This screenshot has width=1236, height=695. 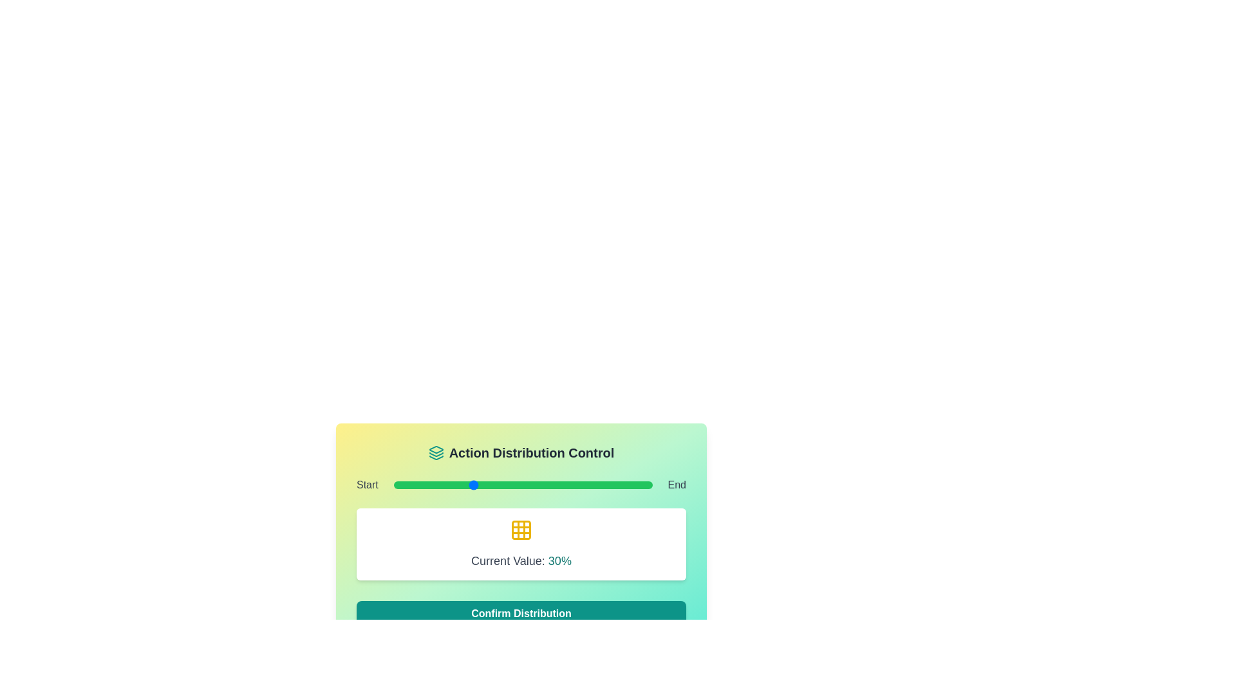 I want to click on the slider to set its value to 39%, so click(x=494, y=485).